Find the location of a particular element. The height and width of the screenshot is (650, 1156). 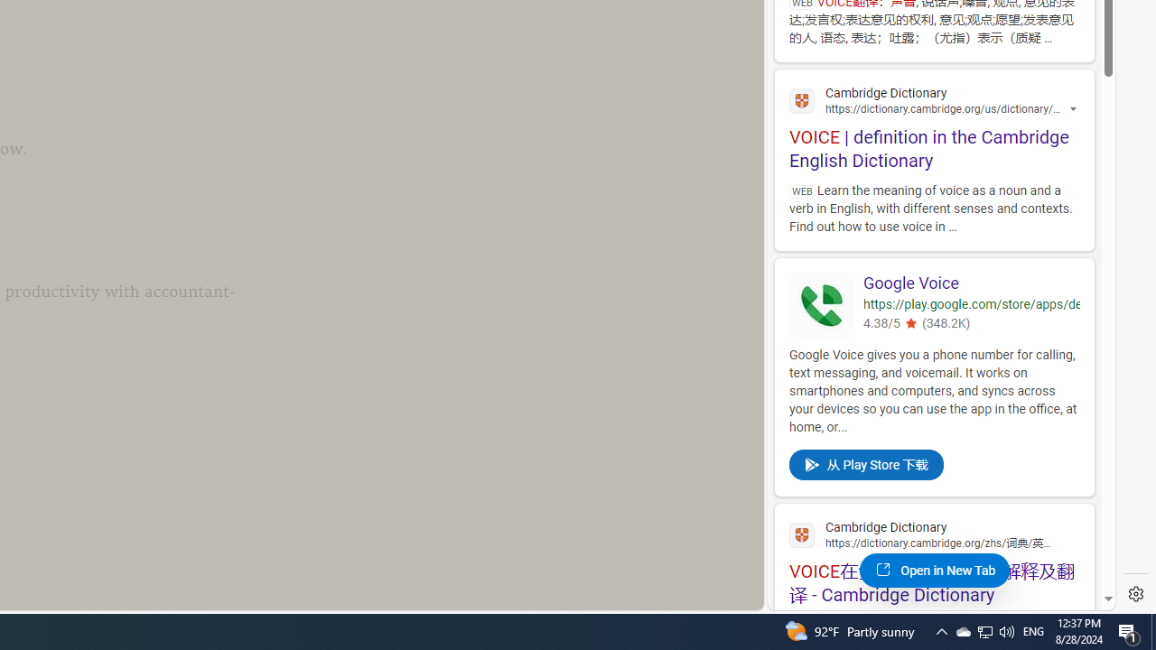

'VOICE | definition in the Cambridge English Dictionary' is located at coordinates (934, 125).